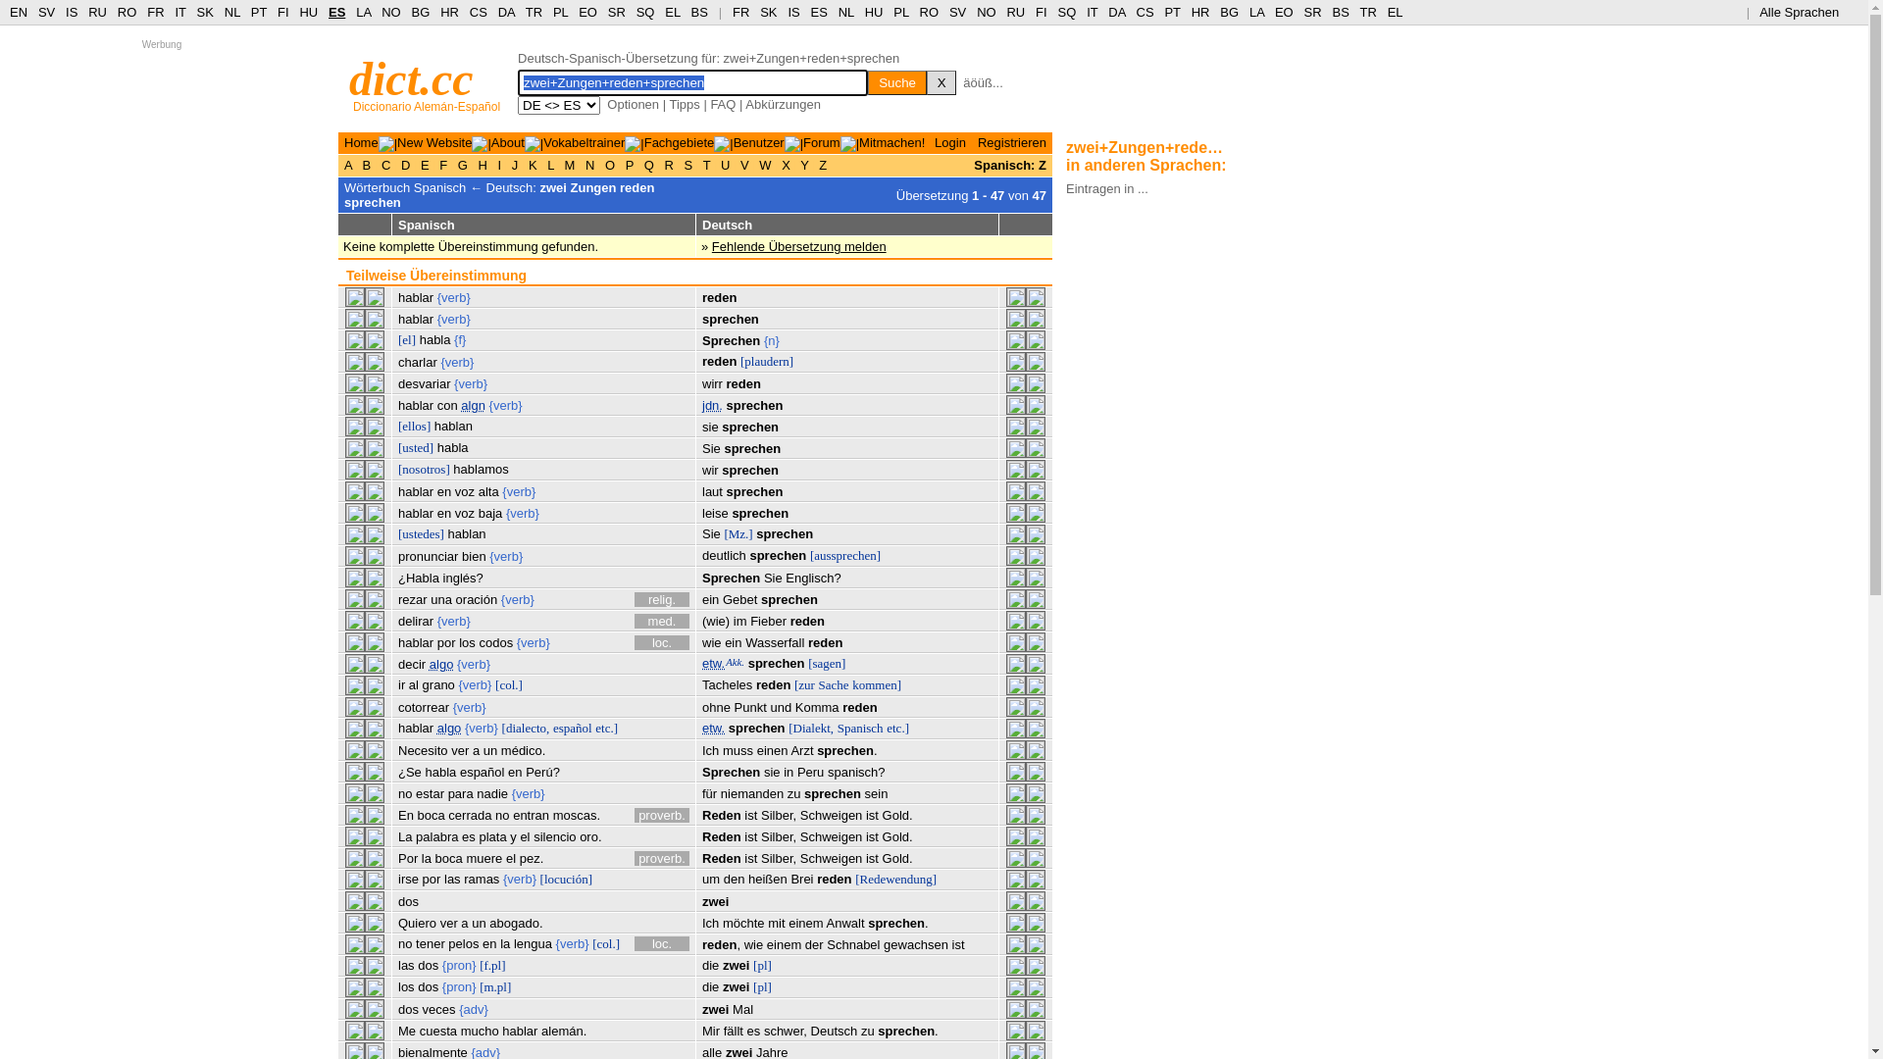  Describe the element at coordinates (19, 12) in the screenshot. I see `'EN'` at that location.